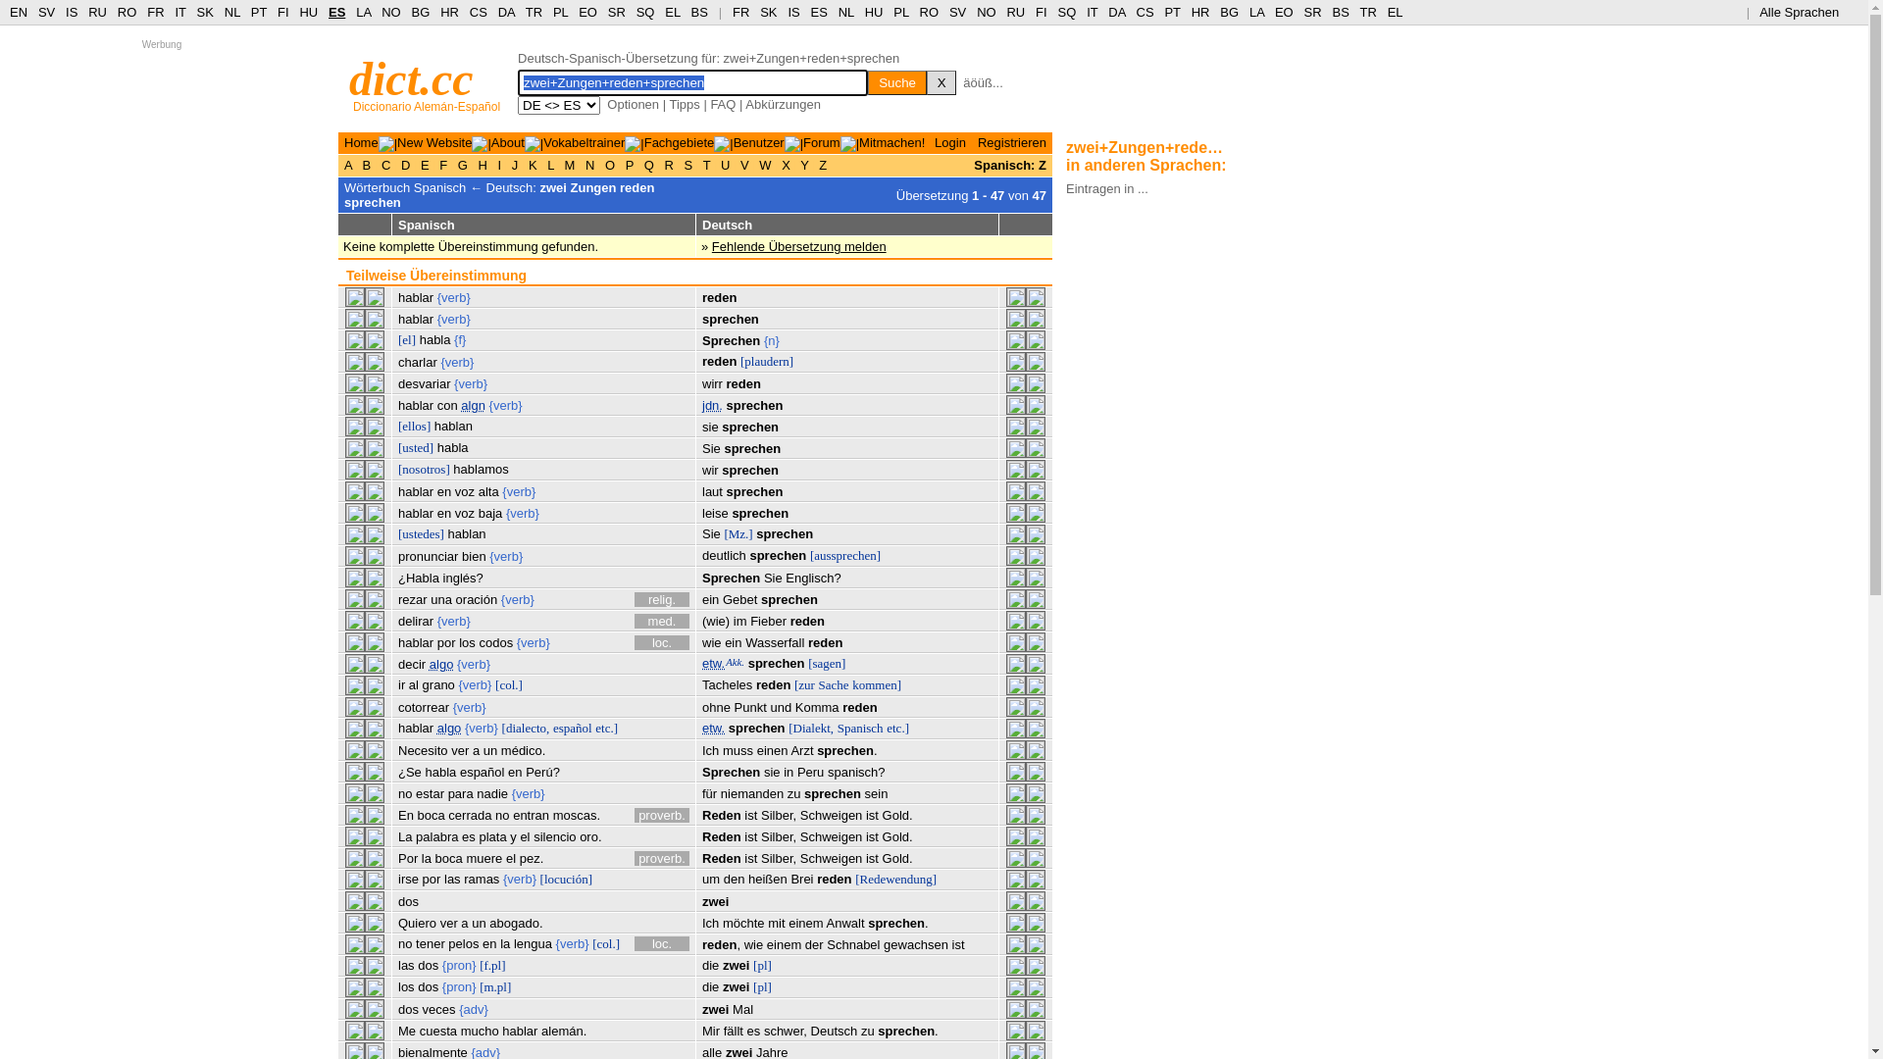  Describe the element at coordinates (19, 12) in the screenshot. I see `'EN'` at that location.